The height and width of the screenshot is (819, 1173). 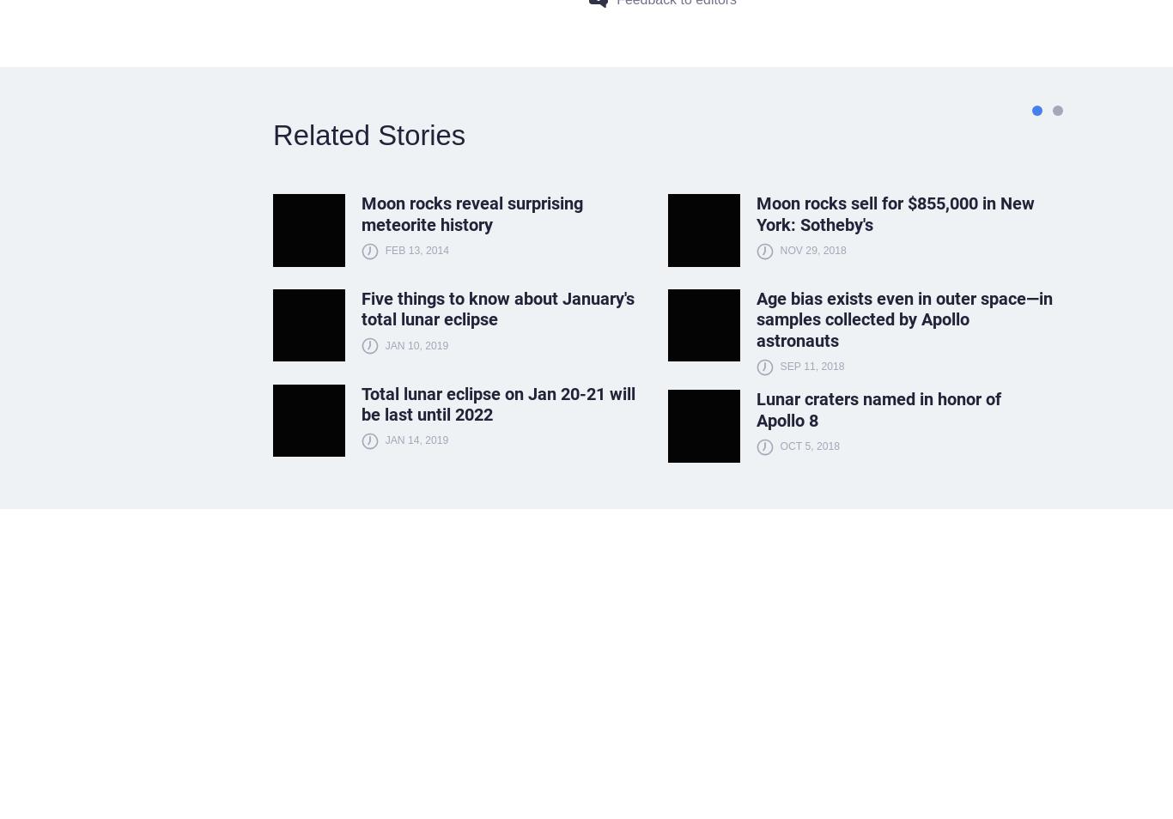 I want to click on 'Nov 29, 2018', so click(x=812, y=249).